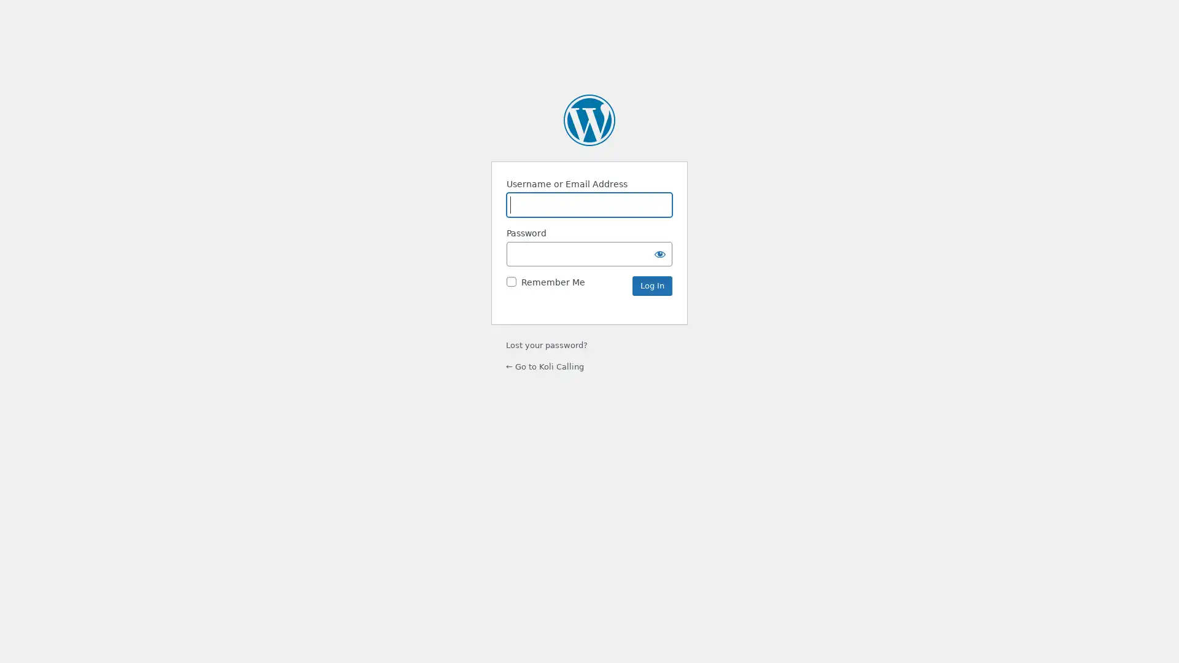 The image size is (1179, 663). What do you see at coordinates (652, 285) in the screenshot?
I see `Log In` at bounding box center [652, 285].